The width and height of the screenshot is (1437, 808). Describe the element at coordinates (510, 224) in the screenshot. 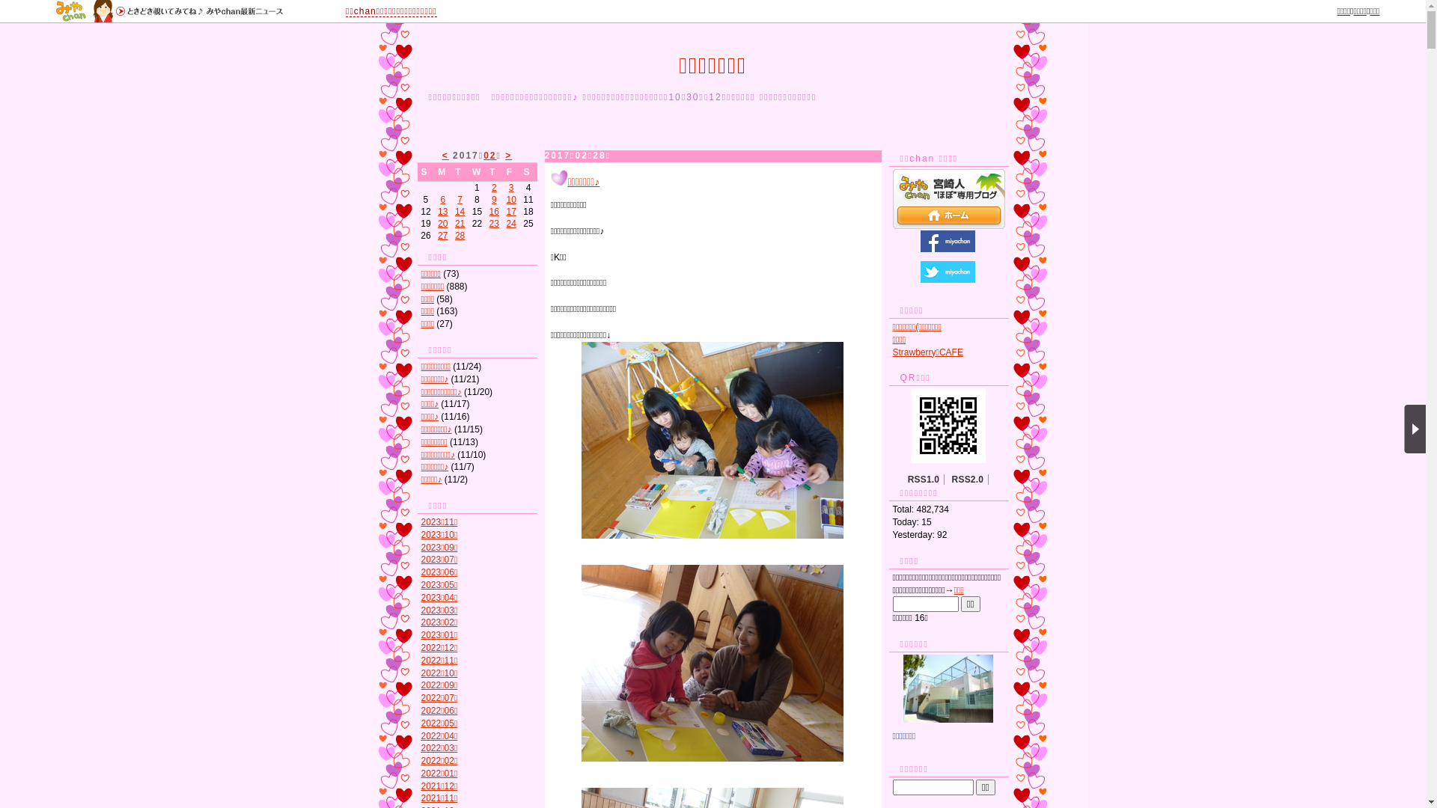

I see `'24'` at that location.